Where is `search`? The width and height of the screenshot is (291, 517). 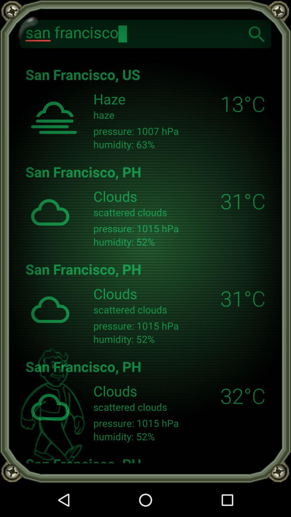 search is located at coordinates (257, 33).